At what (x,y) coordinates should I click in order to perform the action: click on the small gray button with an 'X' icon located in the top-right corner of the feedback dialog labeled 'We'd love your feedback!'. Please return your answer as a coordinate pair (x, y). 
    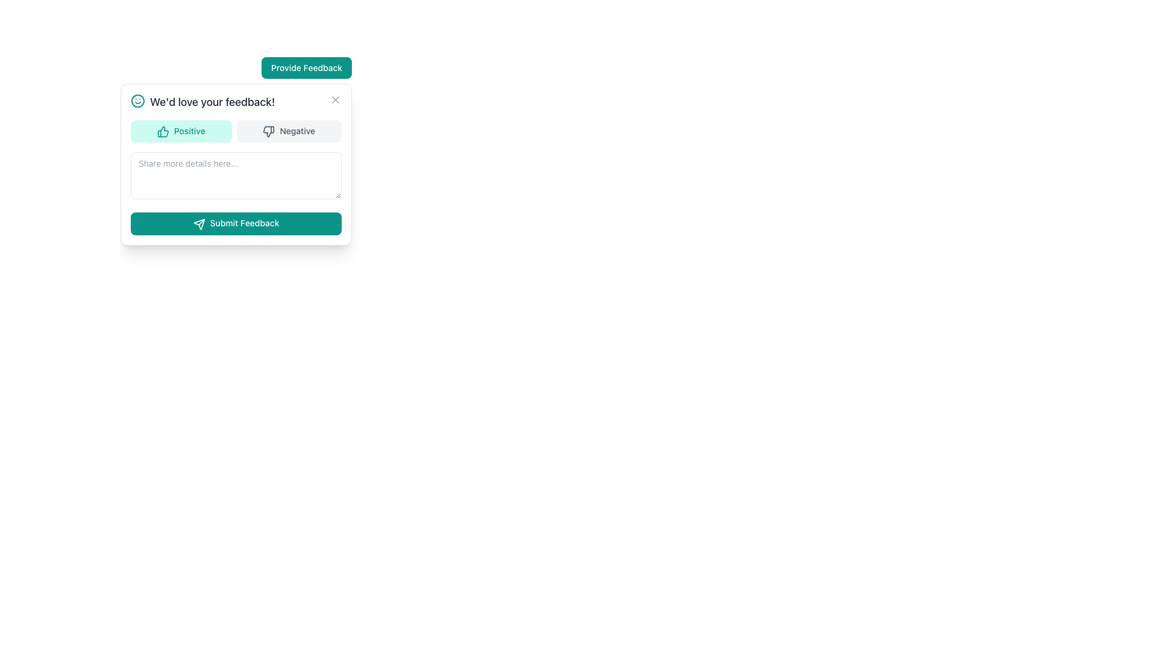
    Looking at the image, I should click on (335, 99).